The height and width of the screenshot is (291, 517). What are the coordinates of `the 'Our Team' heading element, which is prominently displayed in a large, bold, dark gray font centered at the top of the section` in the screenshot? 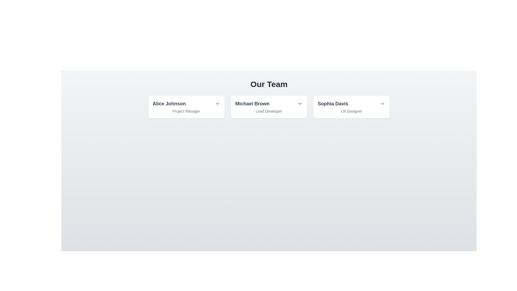 It's located at (269, 84).